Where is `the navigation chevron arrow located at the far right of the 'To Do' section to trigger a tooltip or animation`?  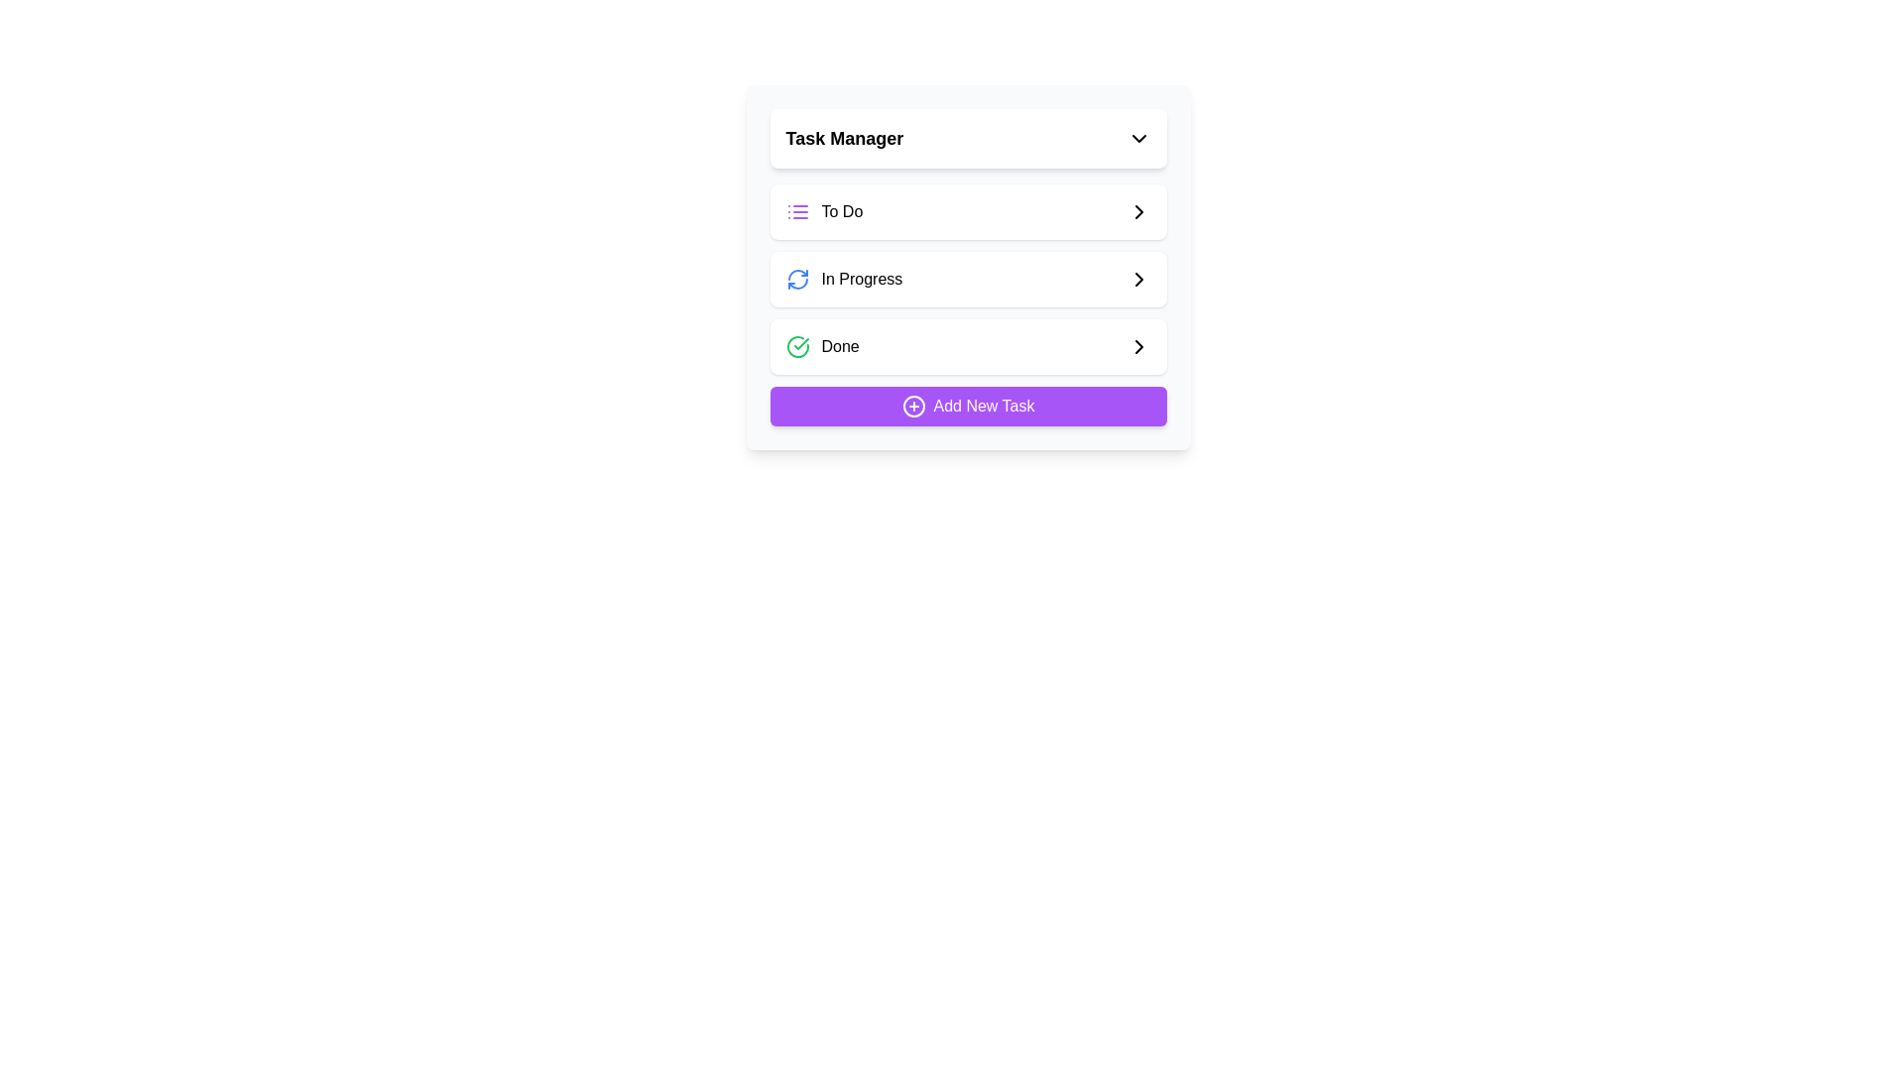 the navigation chevron arrow located at the far right of the 'To Do' section to trigger a tooltip or animation is located at coordinates (1138, 211).